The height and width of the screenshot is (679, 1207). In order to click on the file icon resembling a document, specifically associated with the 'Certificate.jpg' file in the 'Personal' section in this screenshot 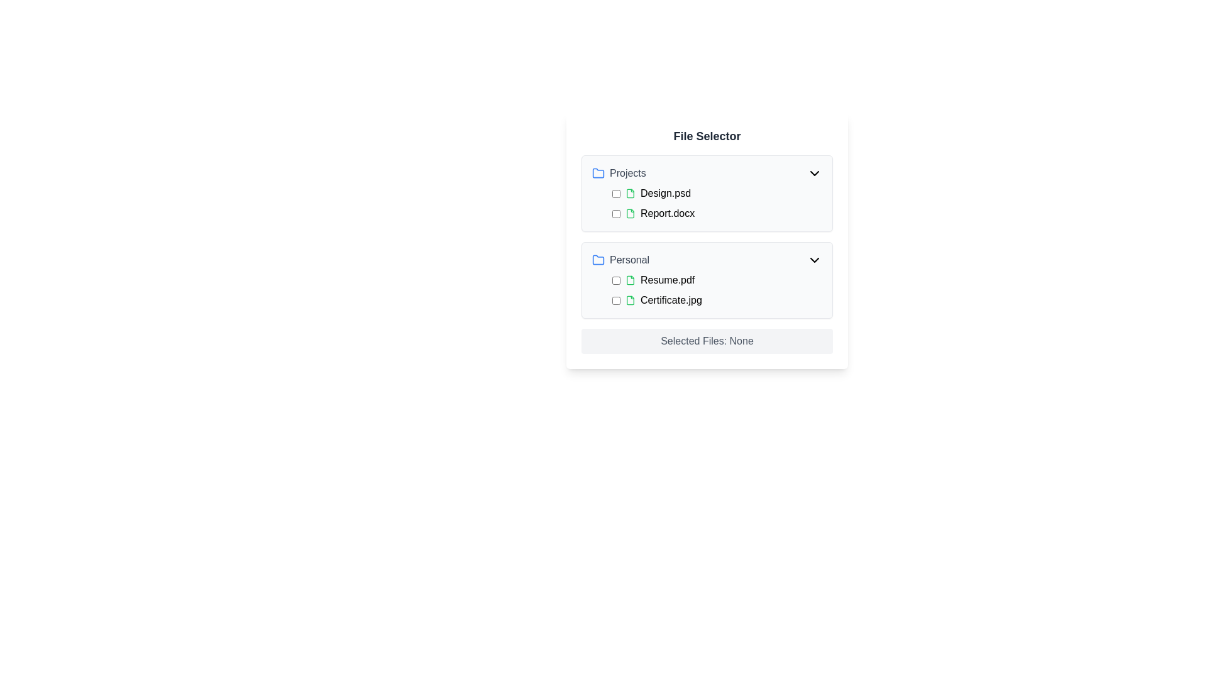, I will do `click(631, 301)`.